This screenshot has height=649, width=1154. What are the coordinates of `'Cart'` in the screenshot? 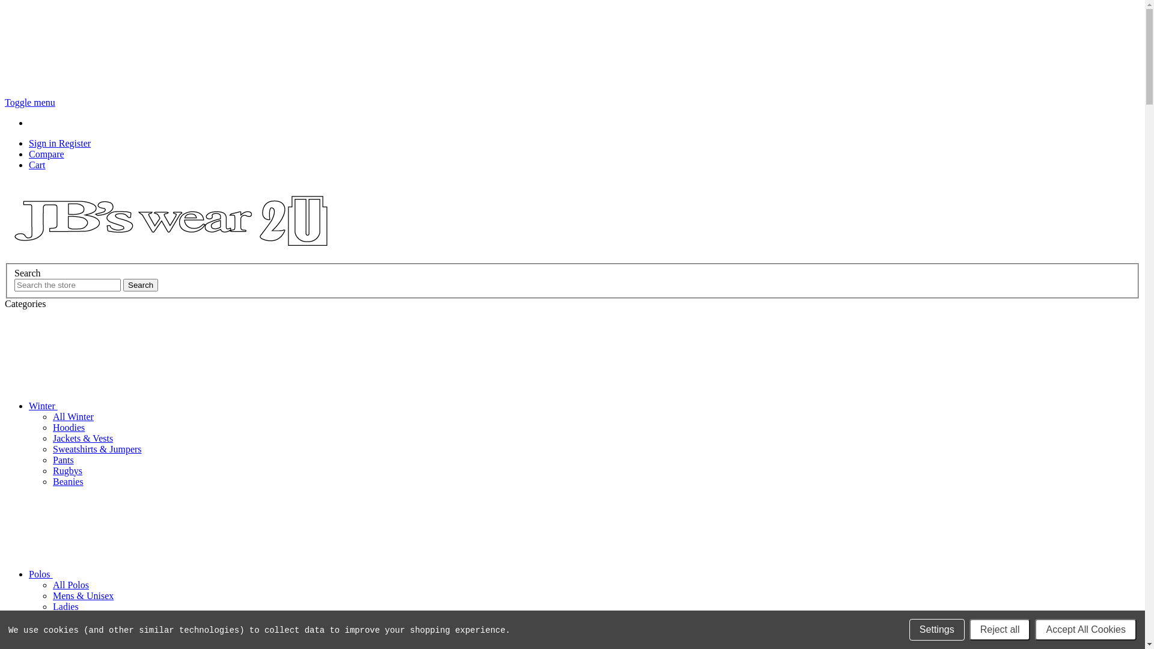 It's located at (37, 165).